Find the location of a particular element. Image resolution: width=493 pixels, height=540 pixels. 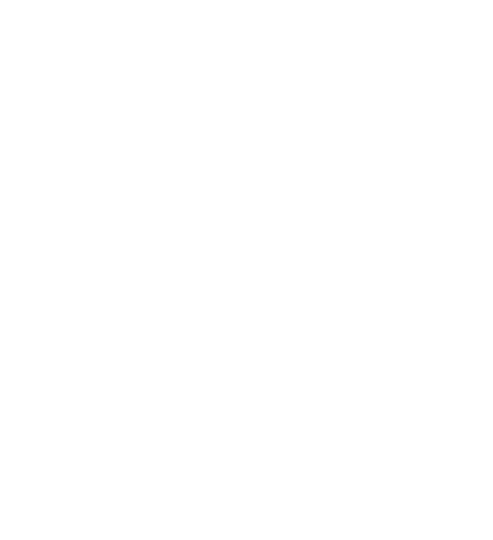

'Ganador del premio Best of the Best de Travellers' Choice en 2022' is located at coordinates (221, 374).